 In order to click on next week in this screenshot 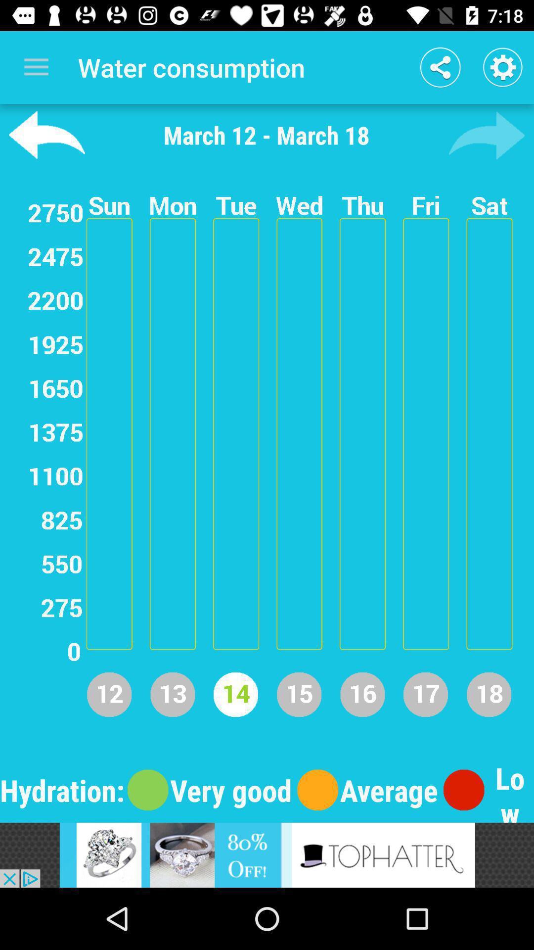, I will do `click(486, 135)`.